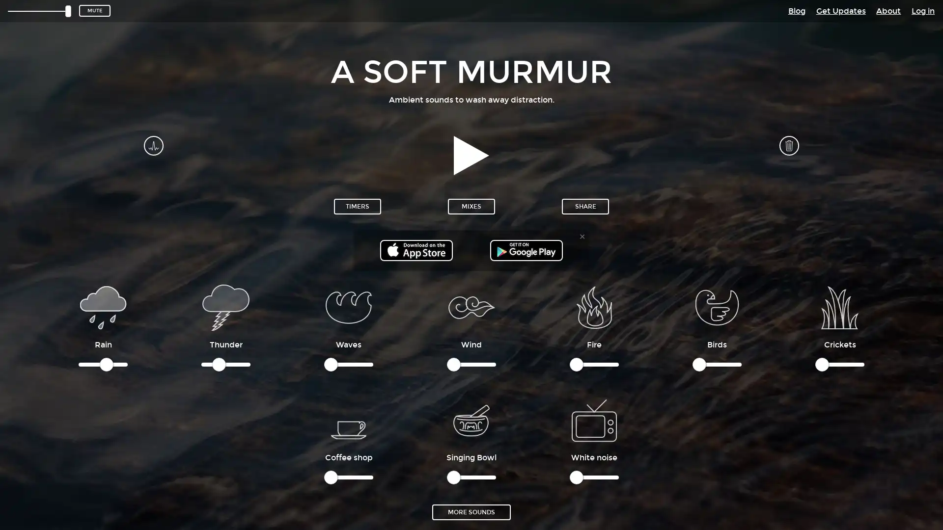  I want to click on Log in, so click(922, 10).